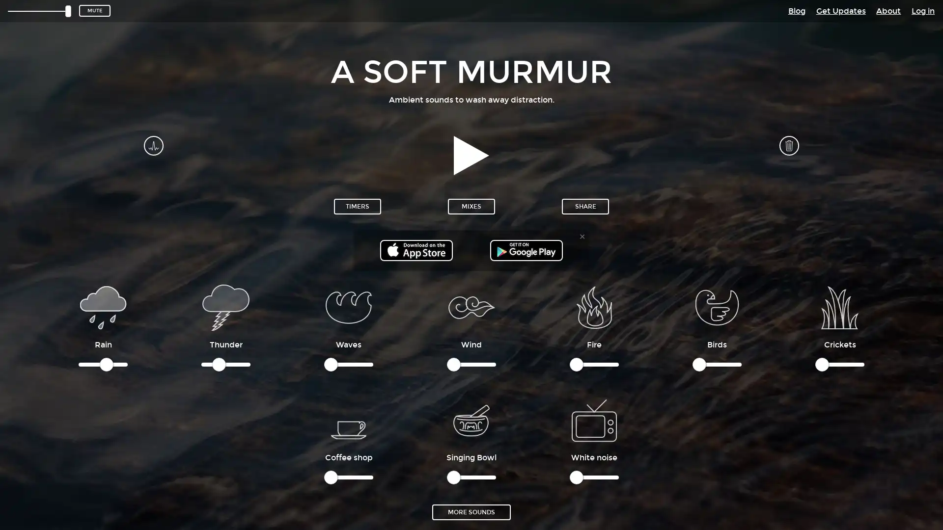  I want to click on Log in, so click(922, 10).